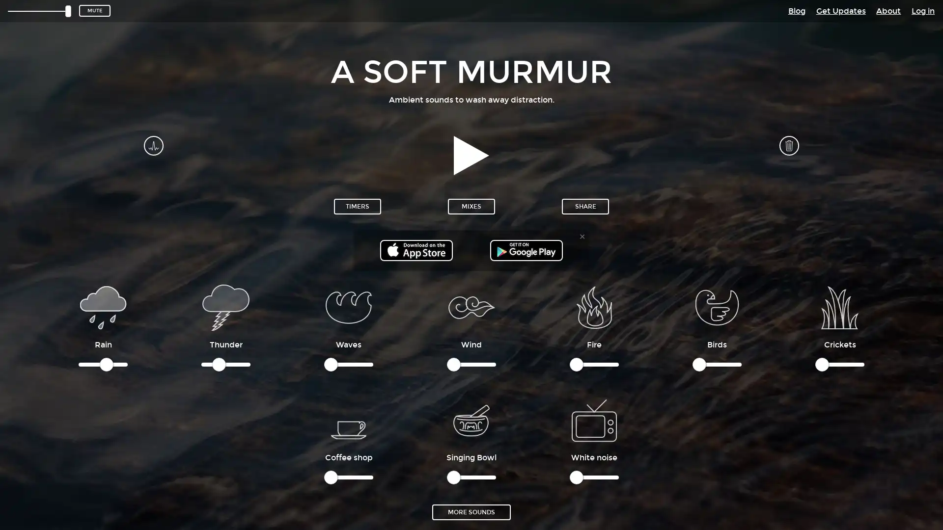  I want to click on Log in, so click(922, 10).